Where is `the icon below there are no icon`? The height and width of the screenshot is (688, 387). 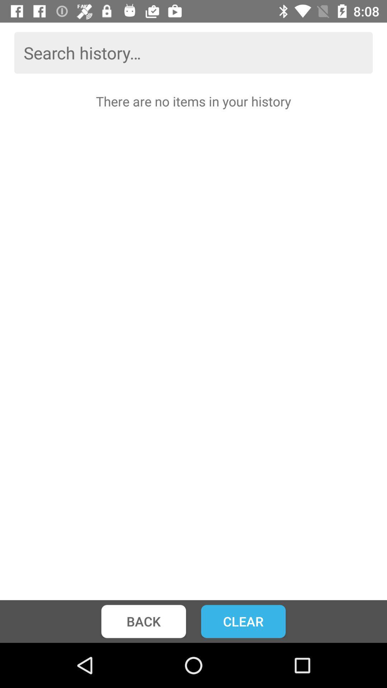
the icon below there are no icon is located at coordinates (143, 621).